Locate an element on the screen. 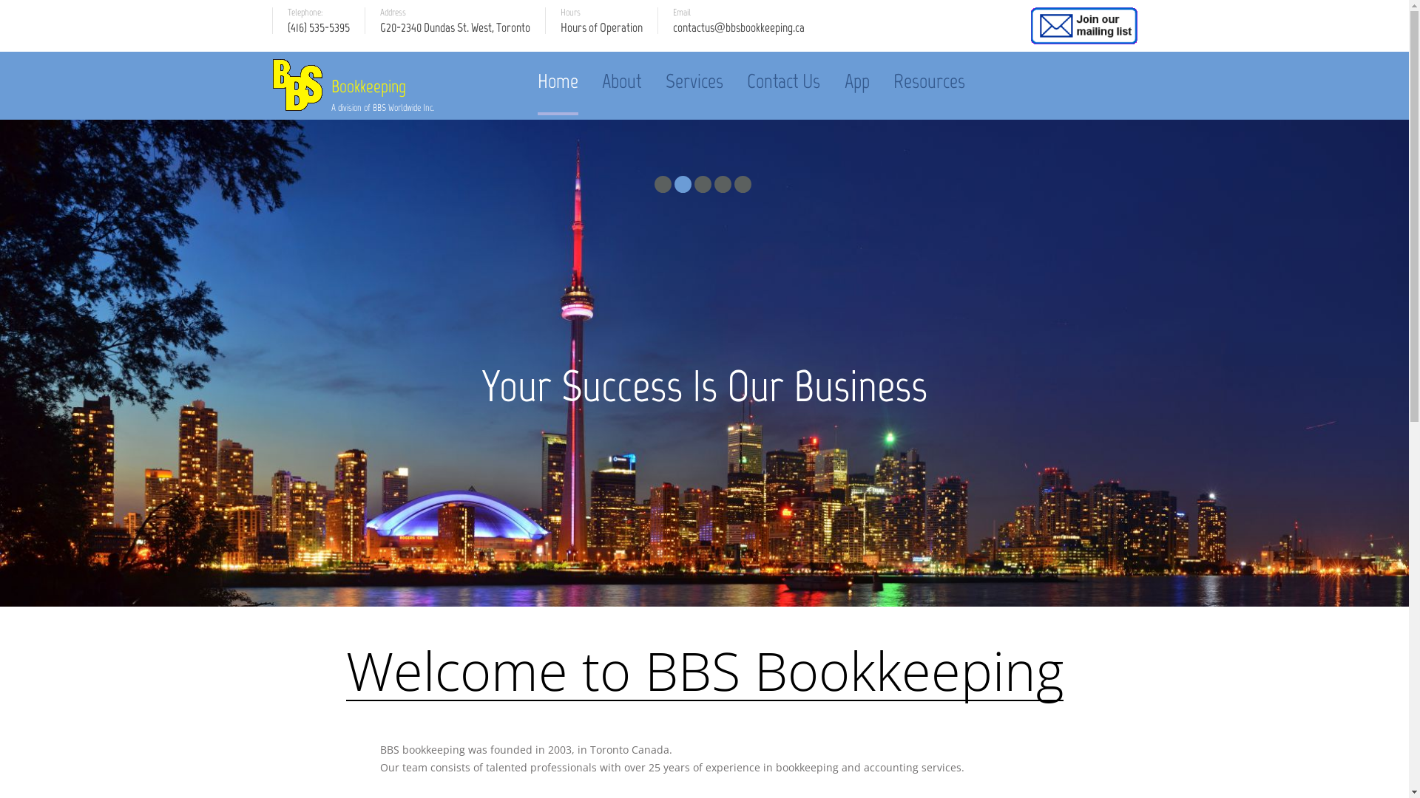 This screenshot has height=798, width=1420. 'About' is located at coordinates (621, 81).